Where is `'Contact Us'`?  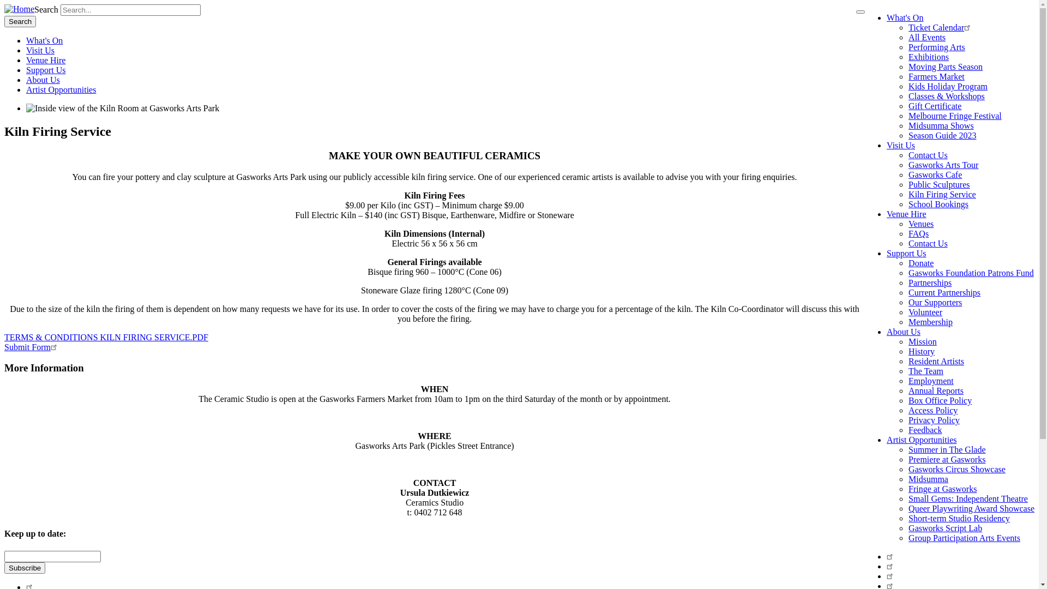
'Contact Us' is located at coordinates (908, 155).